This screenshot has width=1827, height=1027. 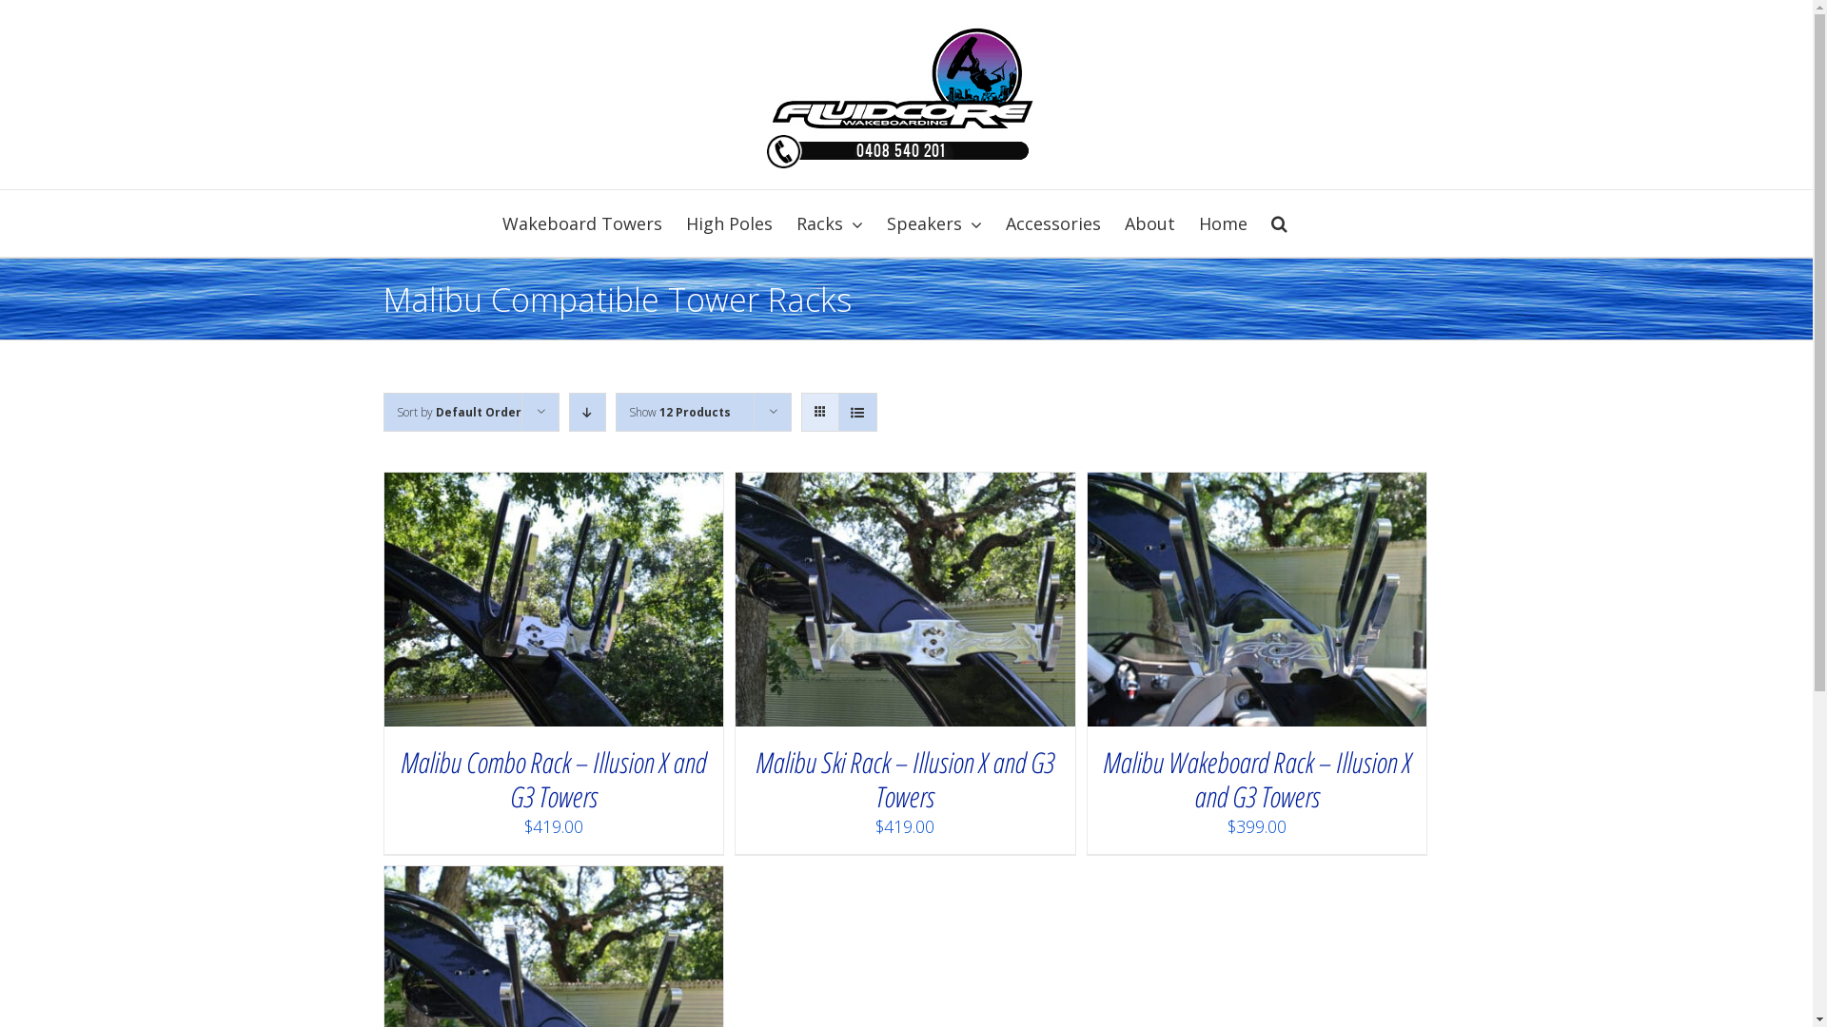 I want to click on 'Sort by Default Order', so click(x=395, y=411).